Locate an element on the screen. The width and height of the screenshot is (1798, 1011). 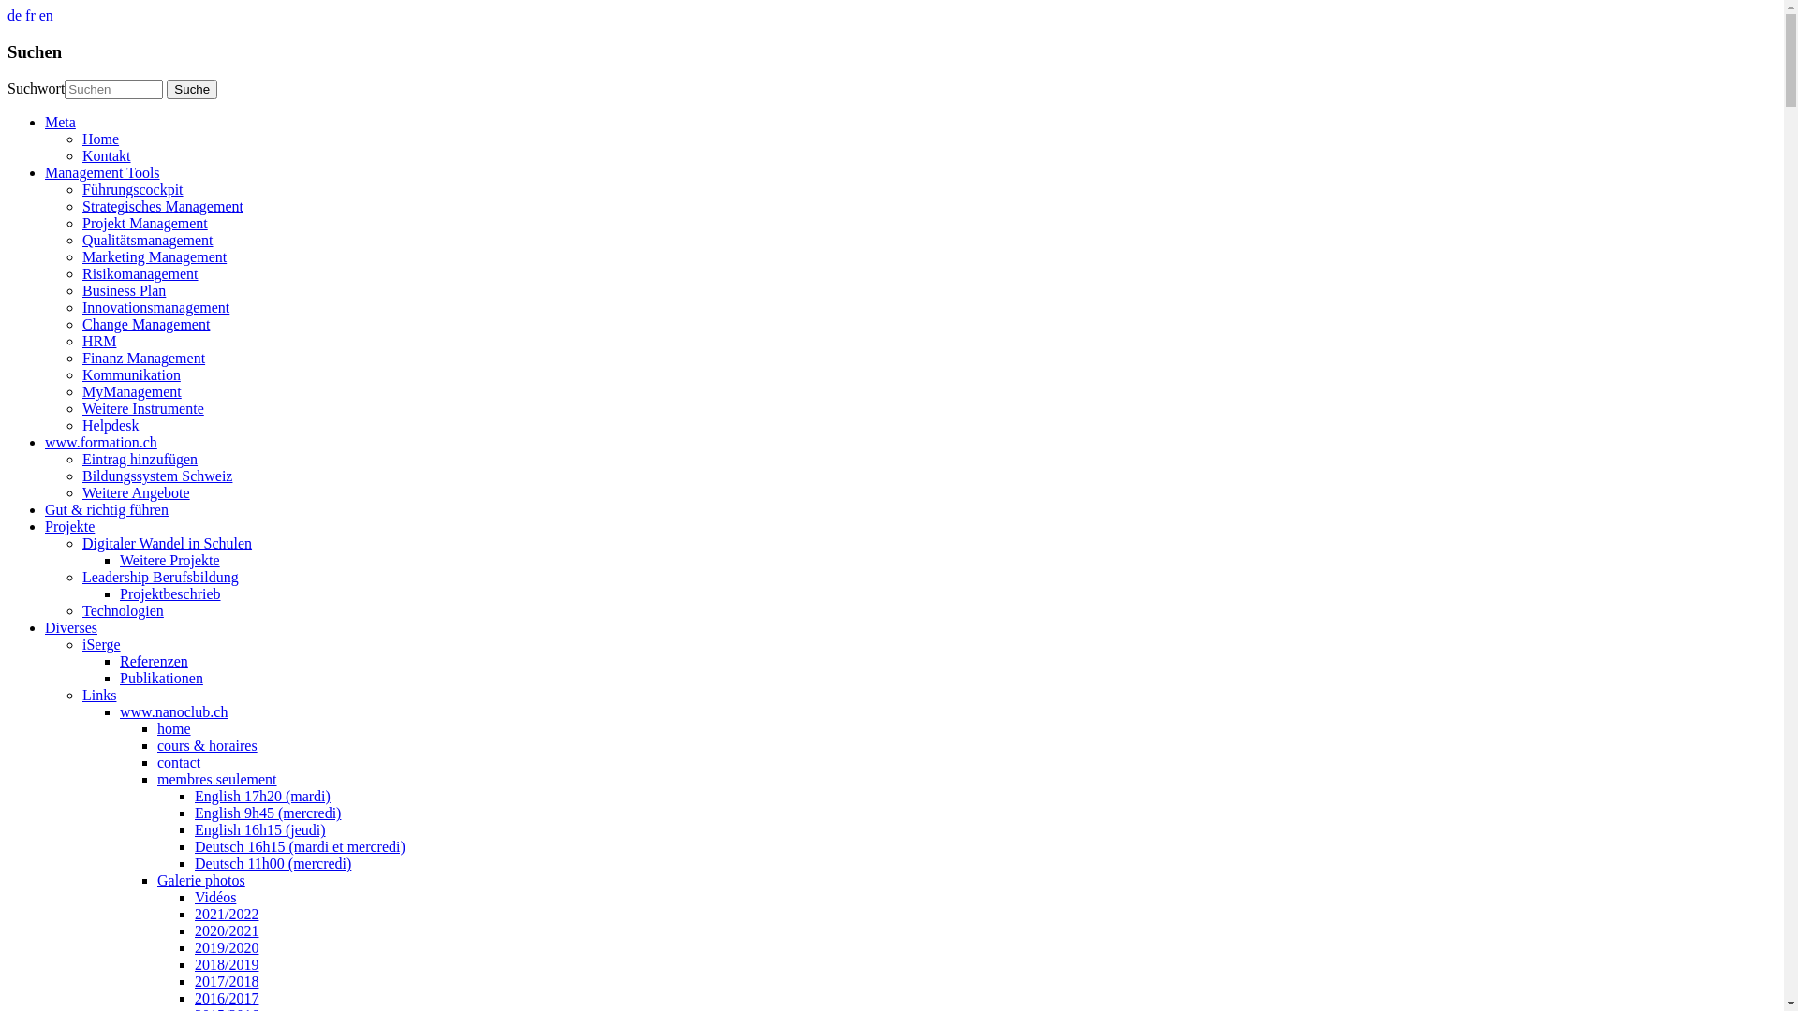
'Kontakt' is located at coordinates (106, 154).